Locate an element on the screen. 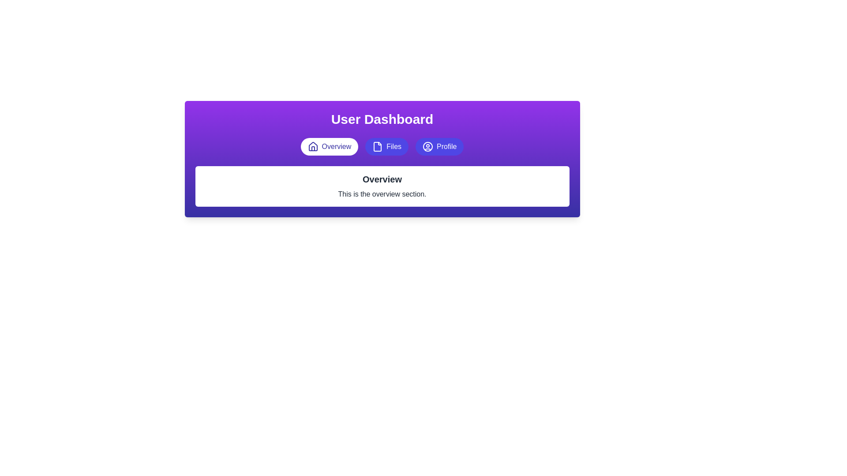 The height and width of the screenshot is (476, 847). the 'Overview' button located in the navigation bar at the top of the interface, which has a rounded rectangular shape, a white background, and indigo-colored text with a house icon is located at coordinates (329, 146).